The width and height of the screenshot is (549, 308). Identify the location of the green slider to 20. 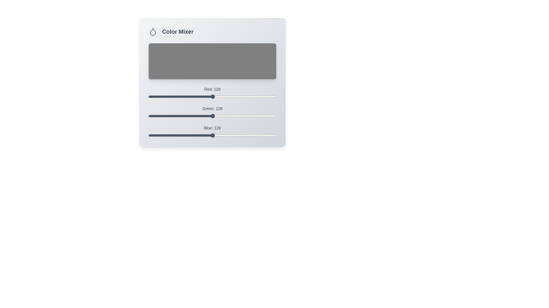
(158, 116).